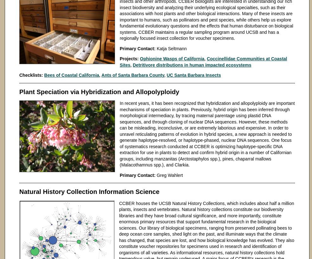 The height and width of the screenshot is (259, 312). What do you see at coordinates (139, 58) in the screenshot?
I see `'Ophionine Wasps of California'` at bounding box center [139, 58].